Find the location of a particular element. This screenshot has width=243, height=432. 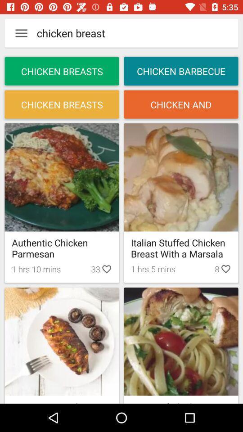

last row 1st image of the page is located at coordinates (62, 341).